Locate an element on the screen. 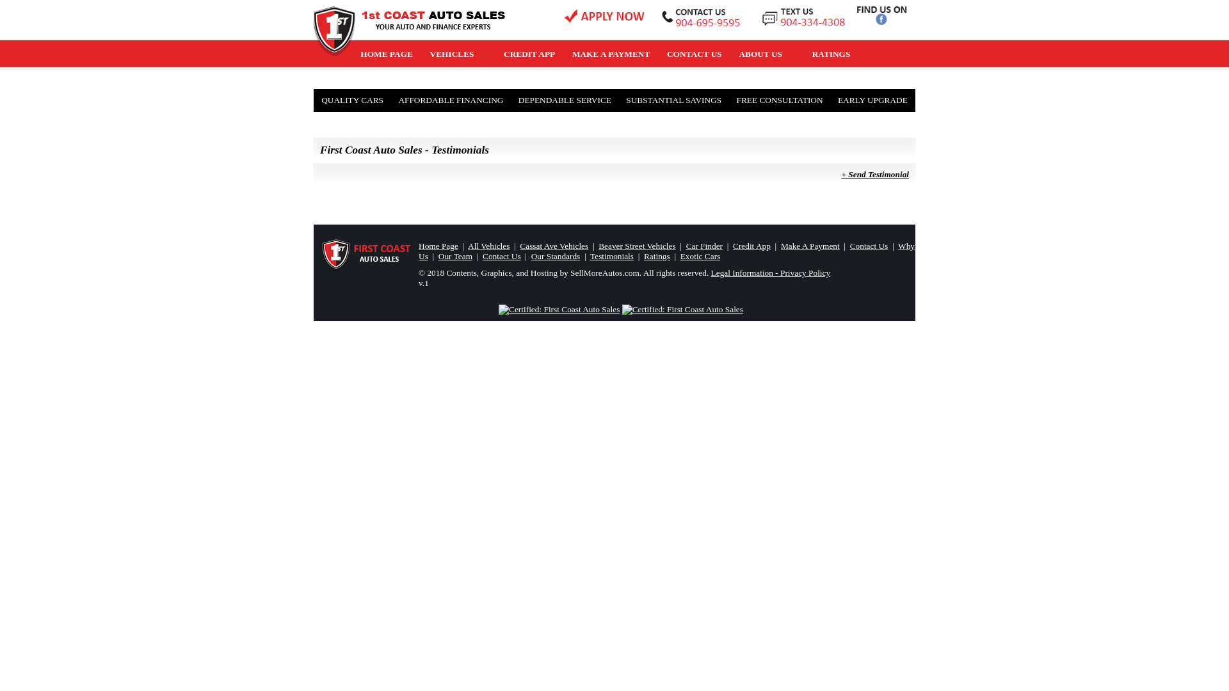 The image size is (1229, 691). 'Cassat Ave Vehicles' is located at coordinates (519, 246).